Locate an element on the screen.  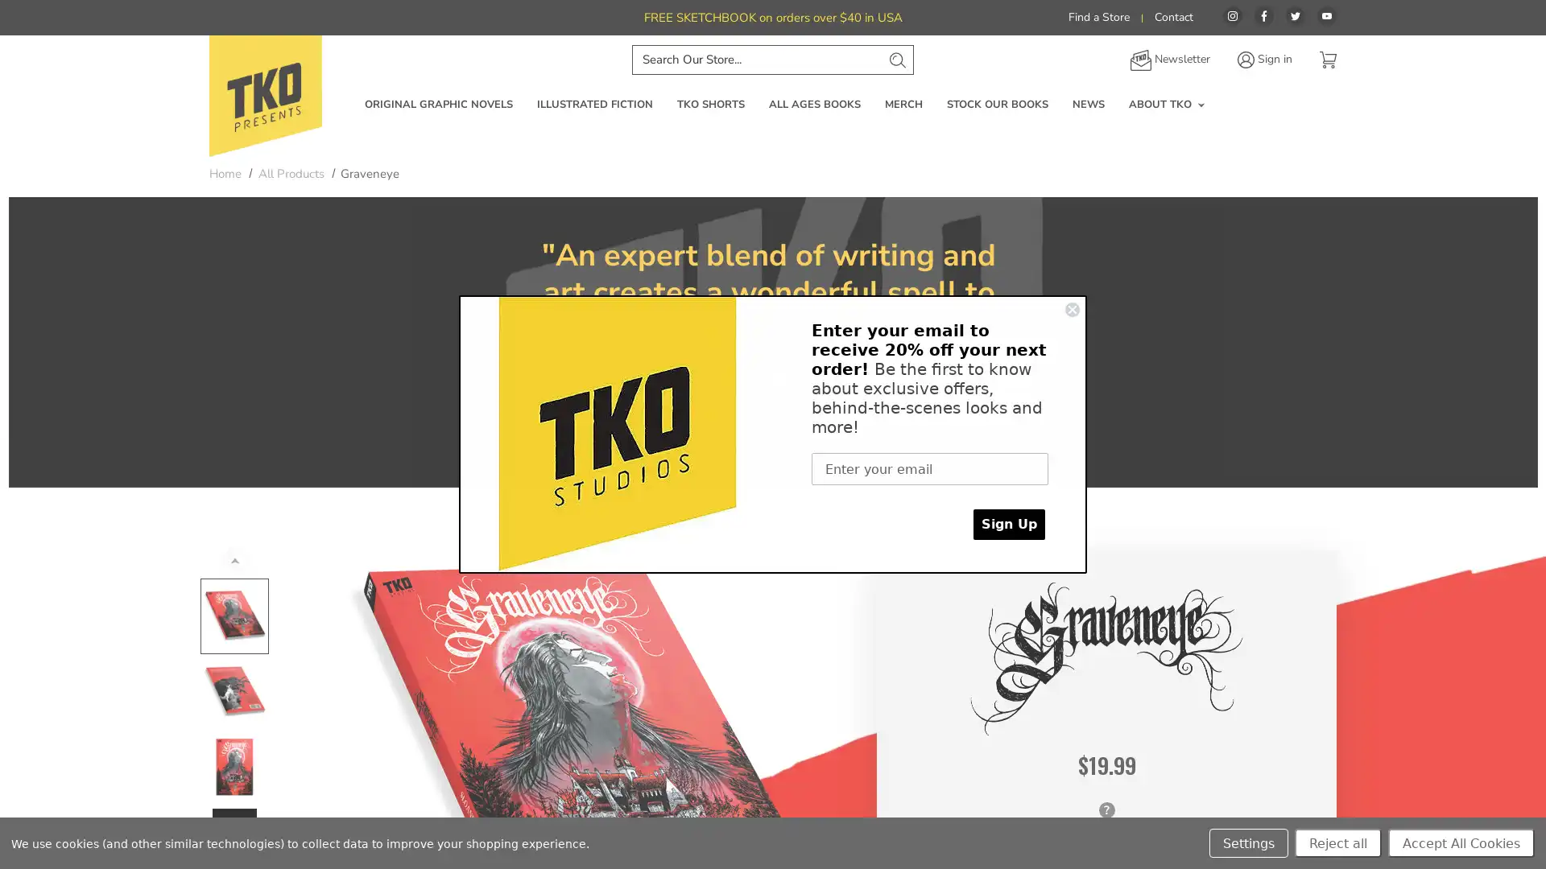
Close form is located at coordinates (1073, 310).